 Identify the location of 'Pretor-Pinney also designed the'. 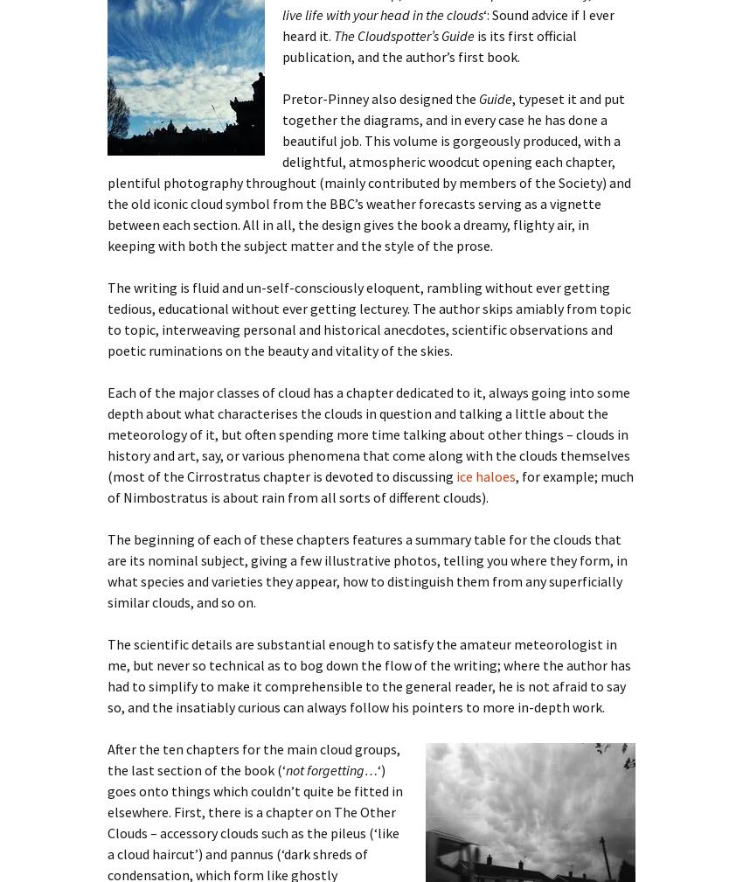
(379, 98).